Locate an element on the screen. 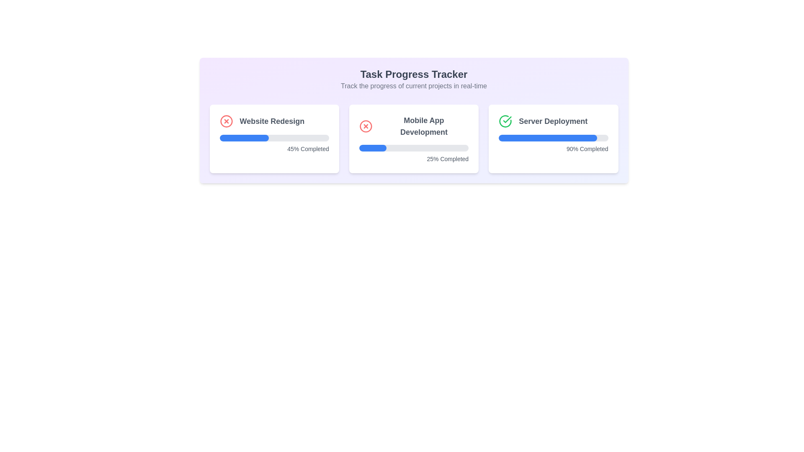 The height and width of the screenshot is (452, 804). text label indicating 'Server Deployment', which is positioned at the top of the card and is adjacent to a progress bar showing '90% Completed' is located at coordinates (553, 121).